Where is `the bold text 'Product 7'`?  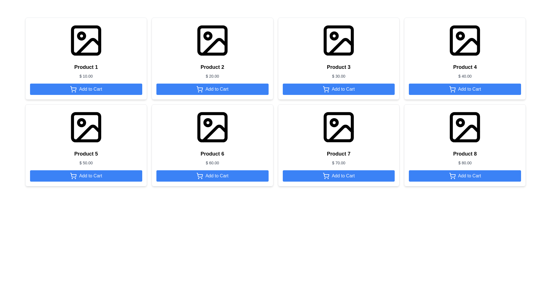 the bold text 'Product 7' is located at coordinates (339, 154).